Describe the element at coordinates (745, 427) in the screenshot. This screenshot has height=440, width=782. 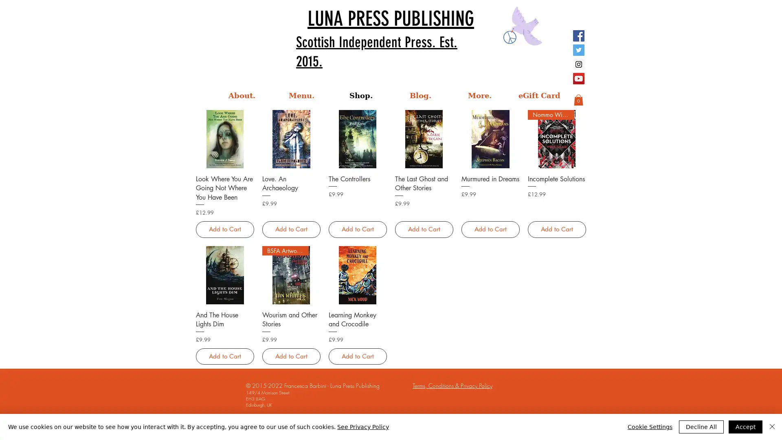
I see `Accept` at that location.